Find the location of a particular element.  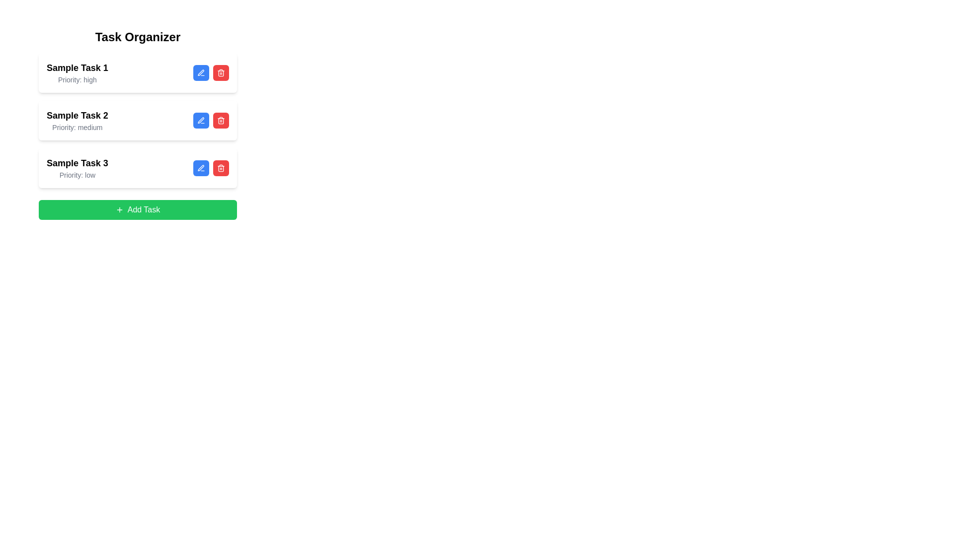

the 'low' priority text label located beneath the title 'Sample Task 3' in the task card is located at coordinates (77, 175).